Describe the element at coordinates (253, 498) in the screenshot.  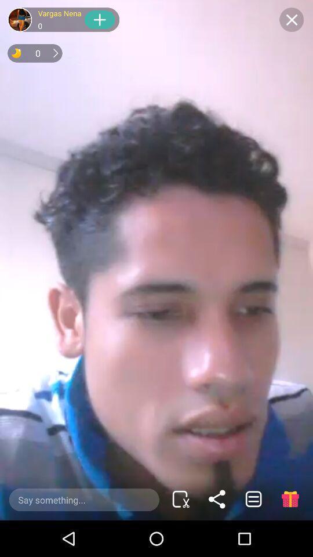
I see `the menu icon` at that location.